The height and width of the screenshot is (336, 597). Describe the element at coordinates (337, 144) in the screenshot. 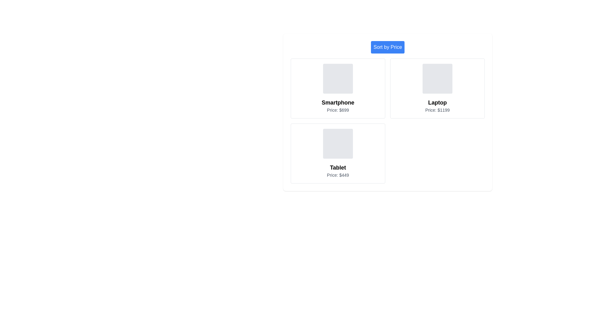

I see `the placeholder image for Tablet` at that location.